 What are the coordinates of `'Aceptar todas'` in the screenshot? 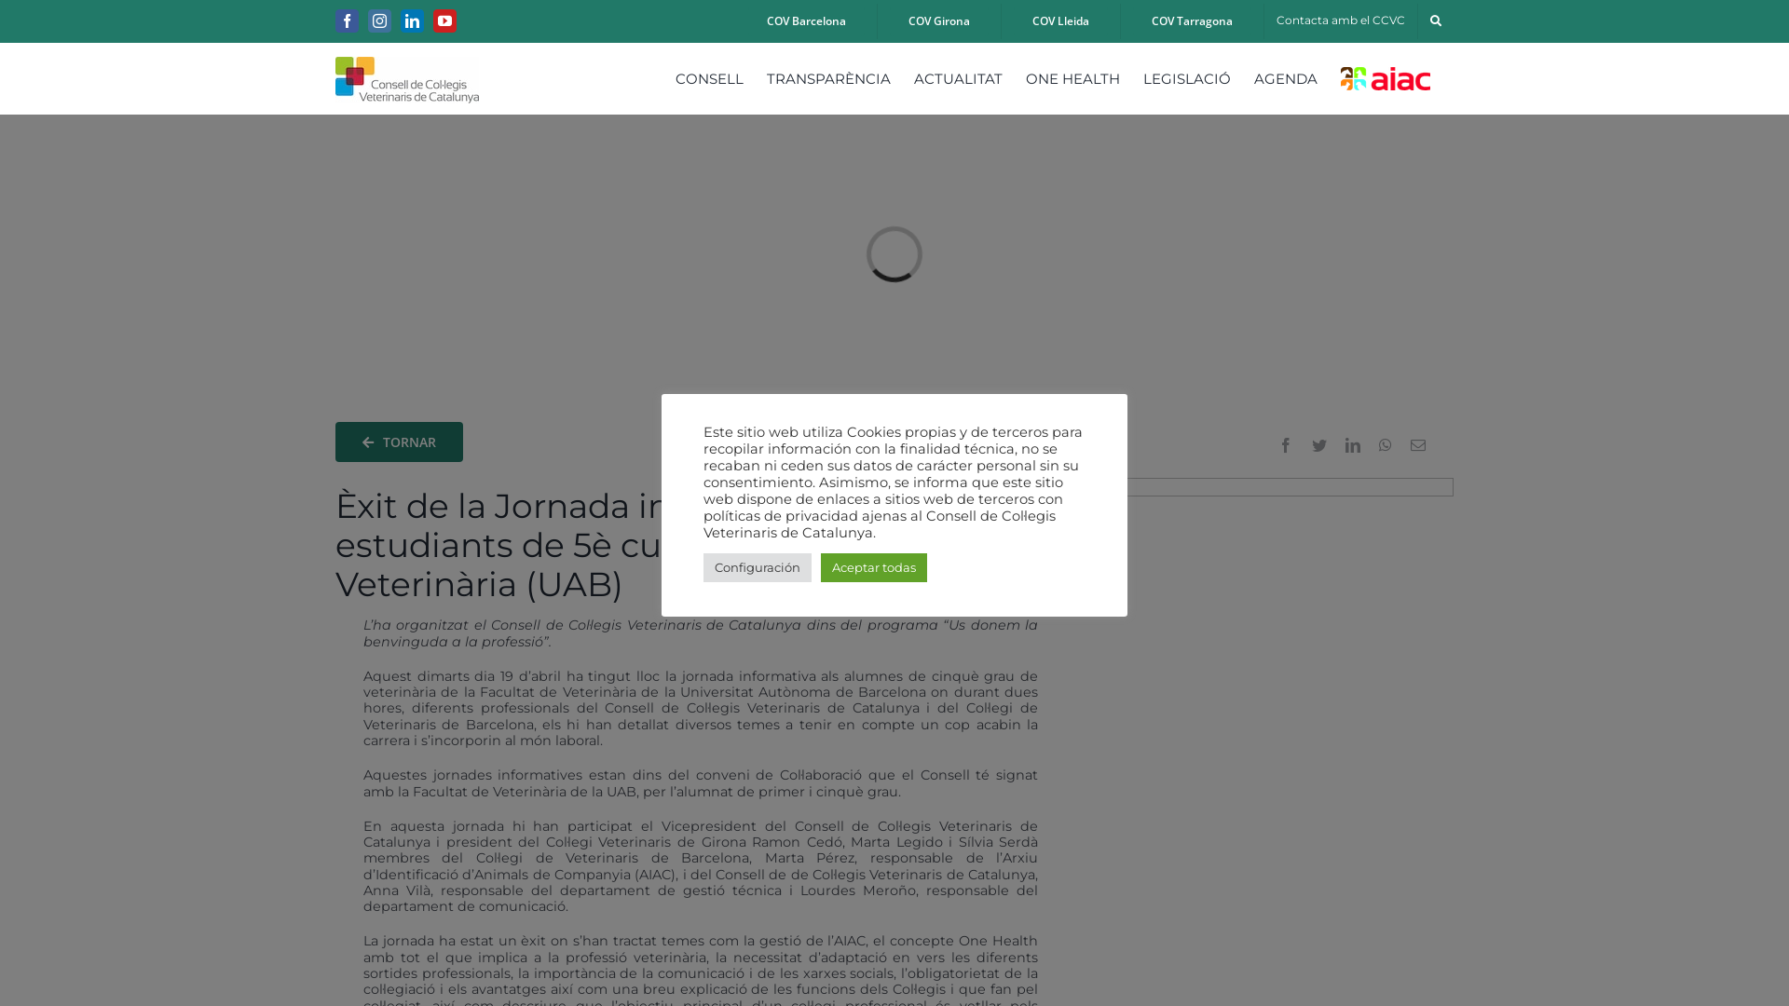 It's located at (872, 566).